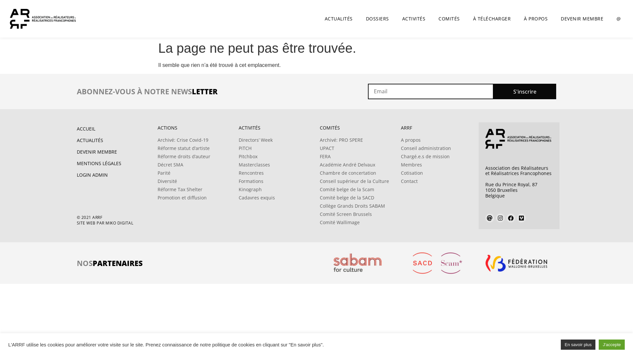  Describe the element at coordinates (598, 344) in the screenshot. I see `'J'accepte'` at that location.